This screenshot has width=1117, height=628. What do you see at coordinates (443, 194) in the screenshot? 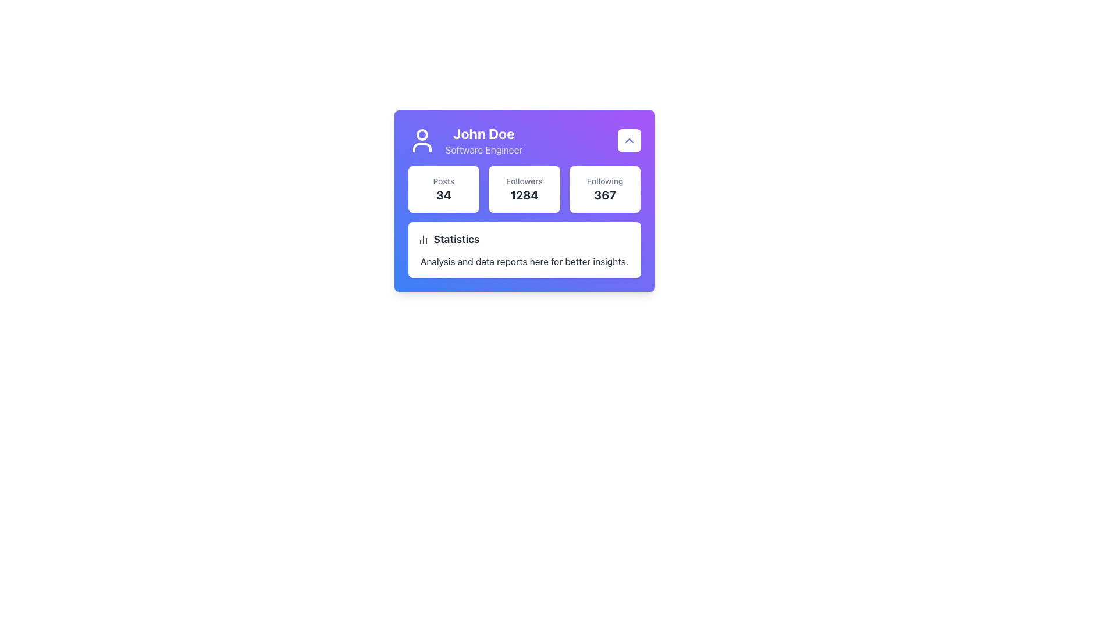
I see `text label indicating the count of posts associated with the user, located within the upper-left section of a white card under the 'Posts' label` at bounding box center [443, 194].